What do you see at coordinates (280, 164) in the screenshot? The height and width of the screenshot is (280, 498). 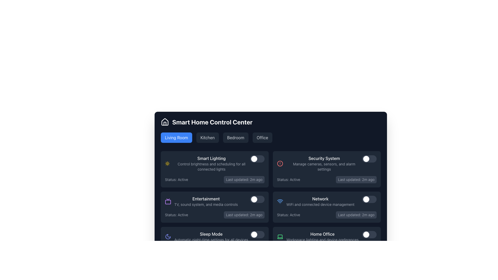 I see `the icon indicating the status of the 'Security System', located centrally in the icon space, to the right of 'Smart Lighting' and above 'Network'` at bounding box center [280, 164].